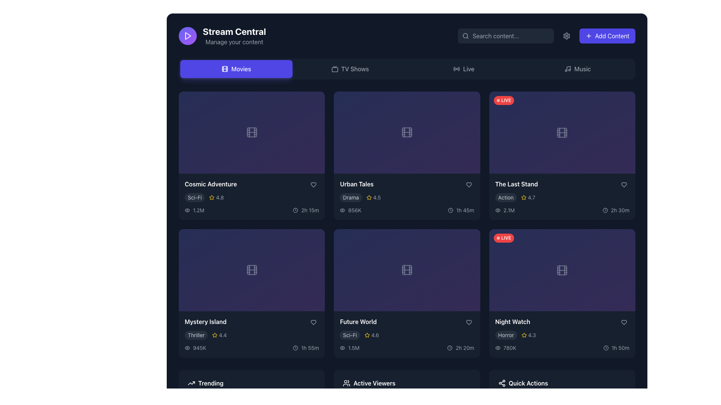 The width and height of the screenshot is (721, 405). I want to click on the leftmost navigation button labeled 'Movies' to switch the viewing context to movie-related content, so click(236, 69).